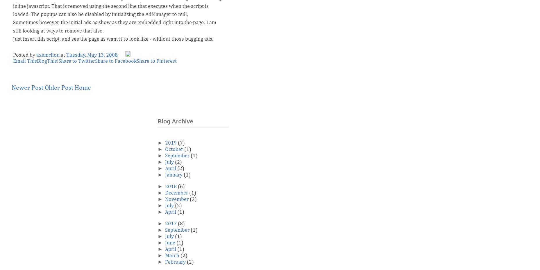  Describe the element at coordinates (95, 60) in the screenshot. I see `'Share to Facebook'` at that location.